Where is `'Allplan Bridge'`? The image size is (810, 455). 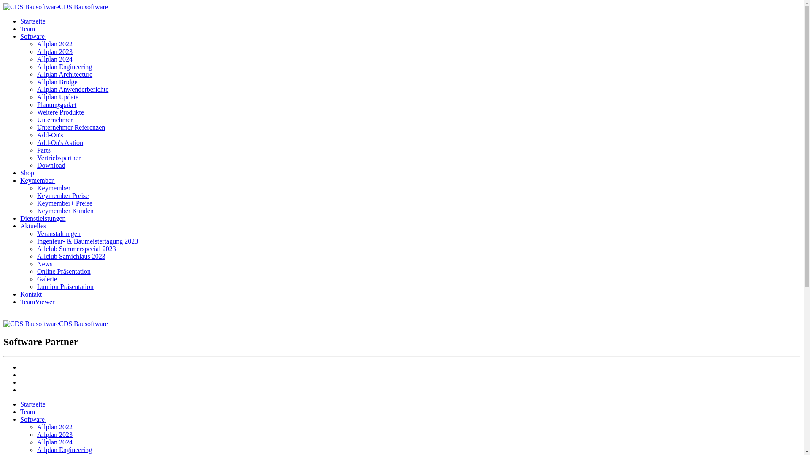
'Allplan Bridge' is located at coordinates (57, 82).